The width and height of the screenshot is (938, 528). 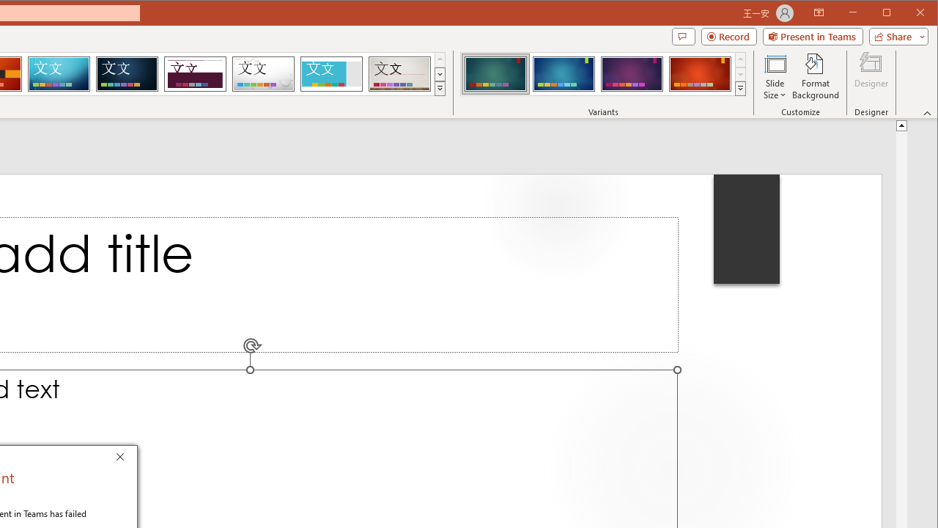 What do you see at coordinates (495, 73) in the screenshot?
I see `'Ion Variant 1'` at bounding box center [495, 73].